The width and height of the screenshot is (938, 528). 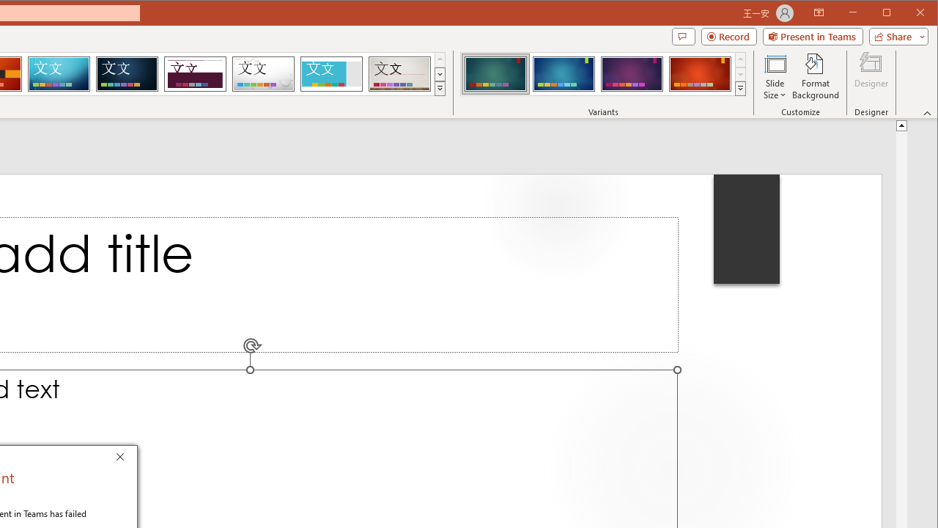 What do you see at coordinates (495, 73) in the screenshot?
I see `'Ion Variant 1'` at bounding box center [495, 73].